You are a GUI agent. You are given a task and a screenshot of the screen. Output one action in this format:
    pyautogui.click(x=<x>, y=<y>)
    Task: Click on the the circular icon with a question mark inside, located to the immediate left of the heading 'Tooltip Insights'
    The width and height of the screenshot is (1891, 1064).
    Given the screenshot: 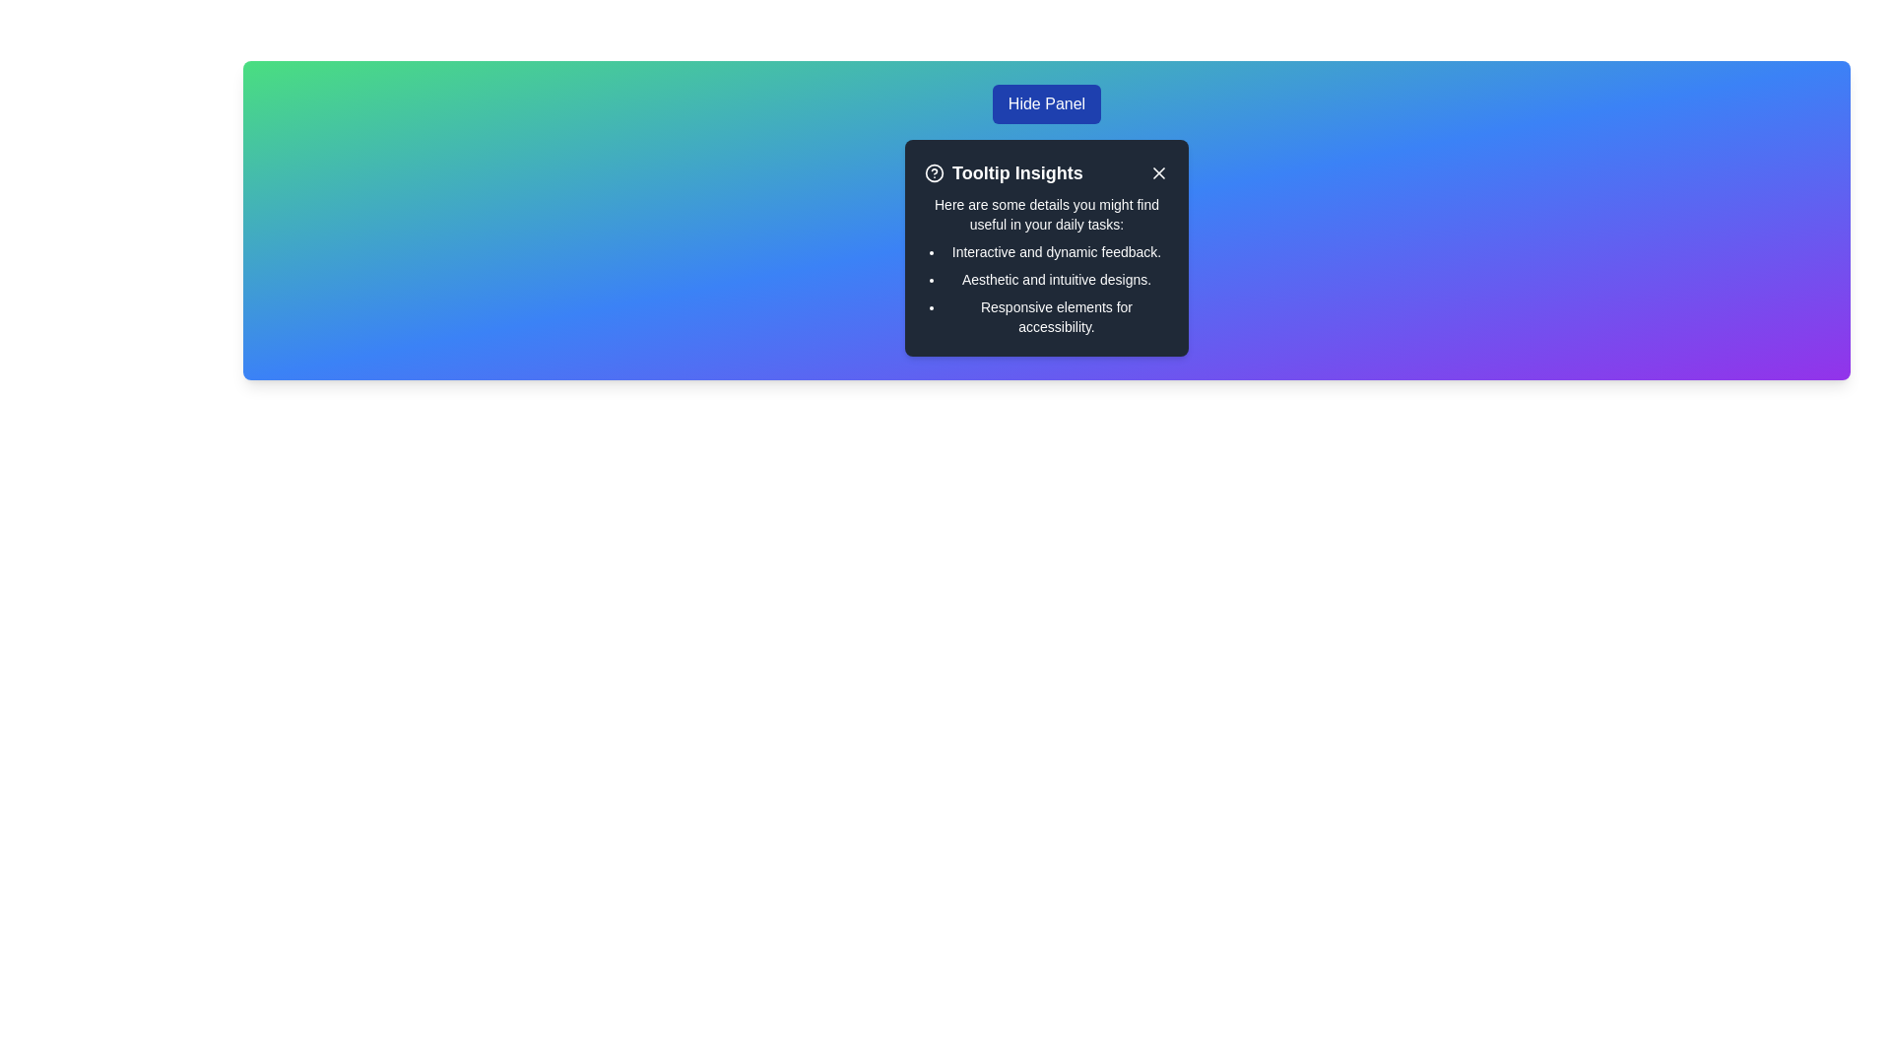 What is the action you would take?
    pyautogui.click(x=934, y=172)
    